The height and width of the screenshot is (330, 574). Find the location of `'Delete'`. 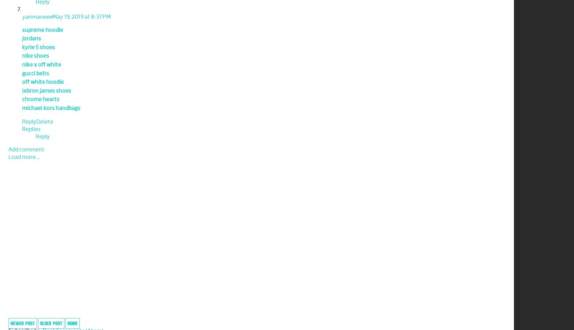

'Delete' is located at coordinates (44, 121).